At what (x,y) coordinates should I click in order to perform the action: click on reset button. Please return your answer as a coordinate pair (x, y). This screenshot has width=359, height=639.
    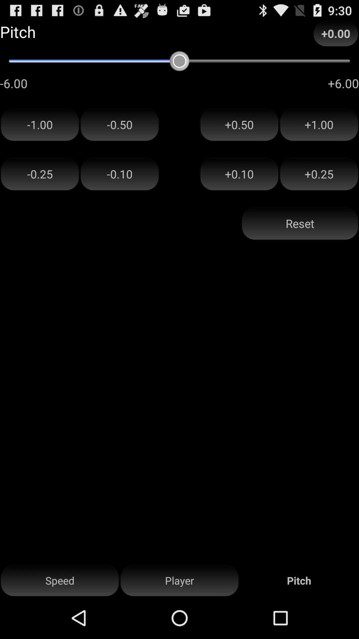
    Looking at the image, I should click on (300, 224).